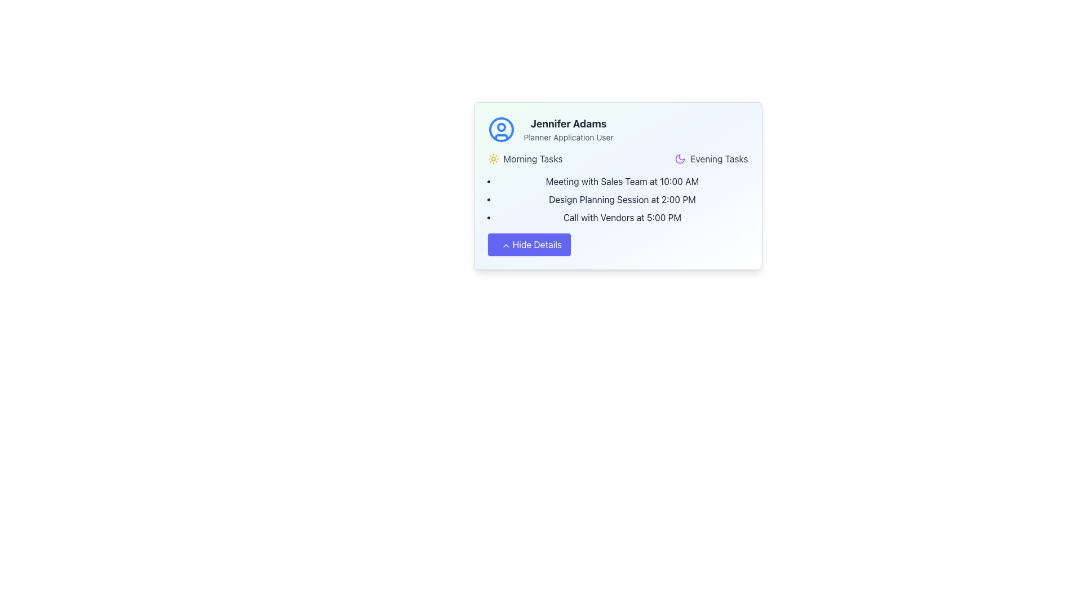 This screenshot has height=609, width=1082. I want to click on the moon-shaped icon with a purple outline, located, so click(680, 158).